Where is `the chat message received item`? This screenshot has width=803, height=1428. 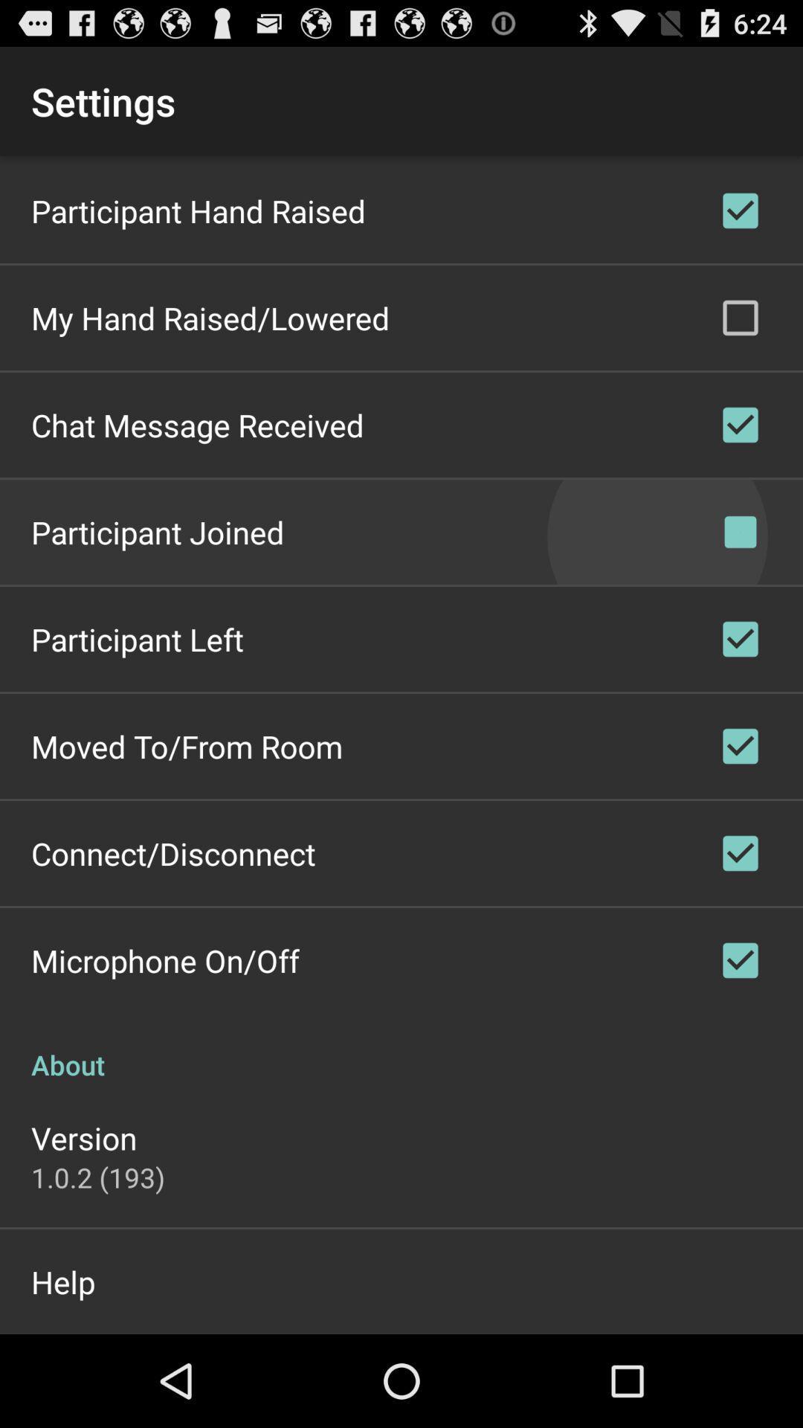
the chat message received item is located at coordinates (196, 424).